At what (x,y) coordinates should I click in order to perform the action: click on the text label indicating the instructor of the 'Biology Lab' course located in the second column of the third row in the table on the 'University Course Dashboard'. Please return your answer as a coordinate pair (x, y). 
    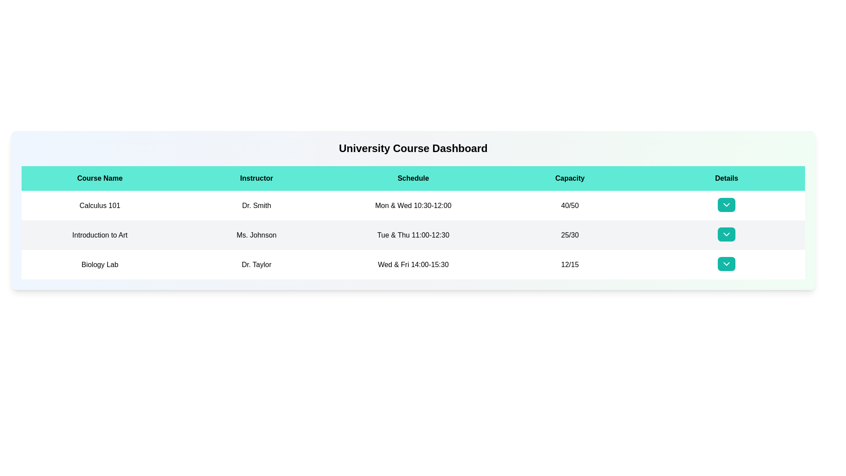
    Looking at the image, I should click on (256, 264).